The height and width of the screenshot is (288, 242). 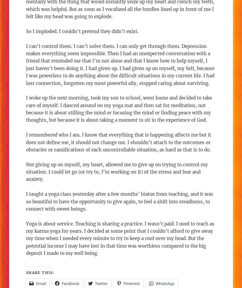 I want to click on 'Not giving up on myself, my heart, allowed me to give up on trying to control my situation. I could let go (or try to, I’m working on it) of the stress and fear and anxiety.', so click(x=116, y=171).